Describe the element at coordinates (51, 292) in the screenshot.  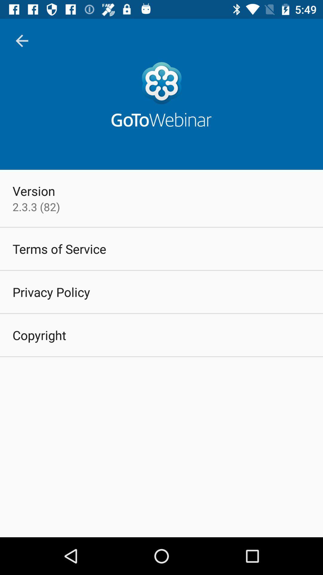
I see `privacy policy` at that location.